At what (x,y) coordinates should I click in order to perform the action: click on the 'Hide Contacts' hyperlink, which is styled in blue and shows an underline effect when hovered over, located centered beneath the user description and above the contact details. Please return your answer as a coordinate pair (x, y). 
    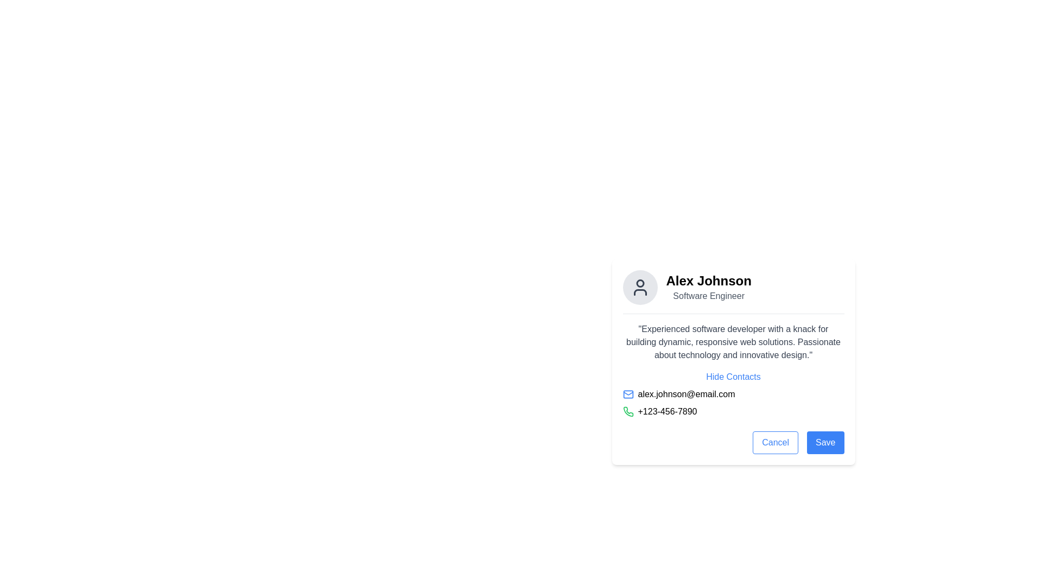
    Looking at the image, I should click on (733, 376).